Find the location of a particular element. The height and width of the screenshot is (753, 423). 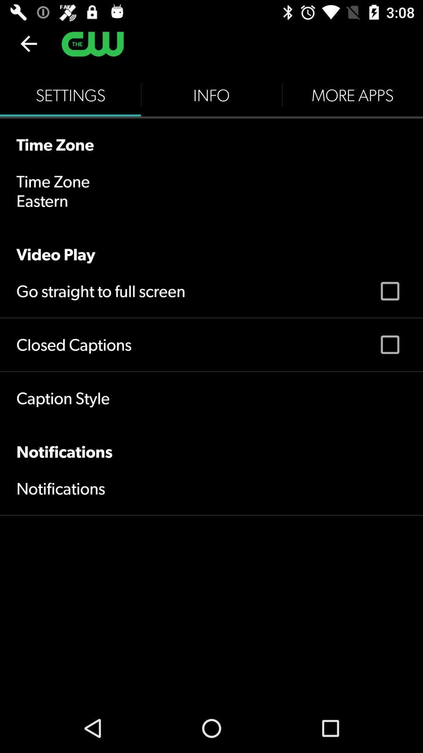

the item to the left of info icon is located at coordinates (70, 95).